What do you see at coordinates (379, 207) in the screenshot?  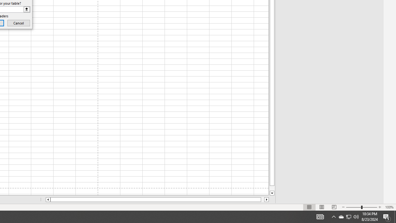 I see `'Zoom In'` at bounding box center [379, 207].